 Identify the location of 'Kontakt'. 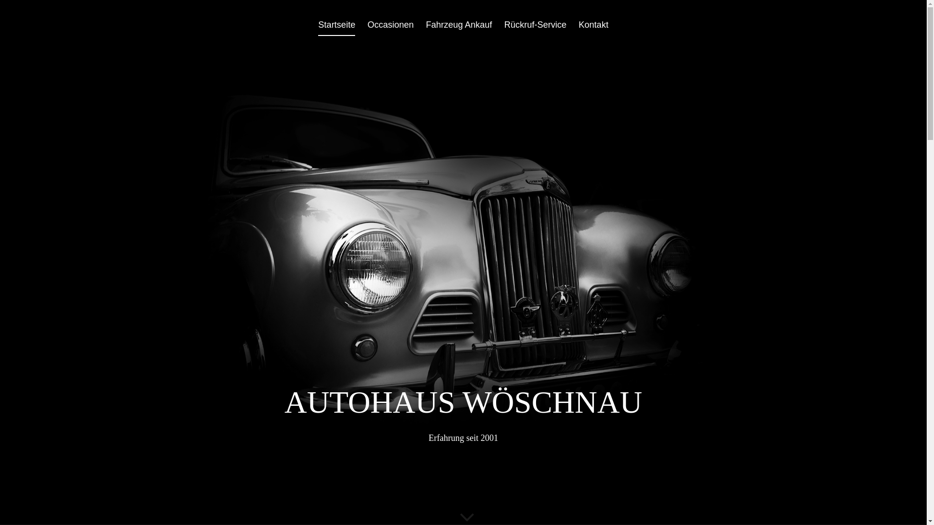
(593, 27).